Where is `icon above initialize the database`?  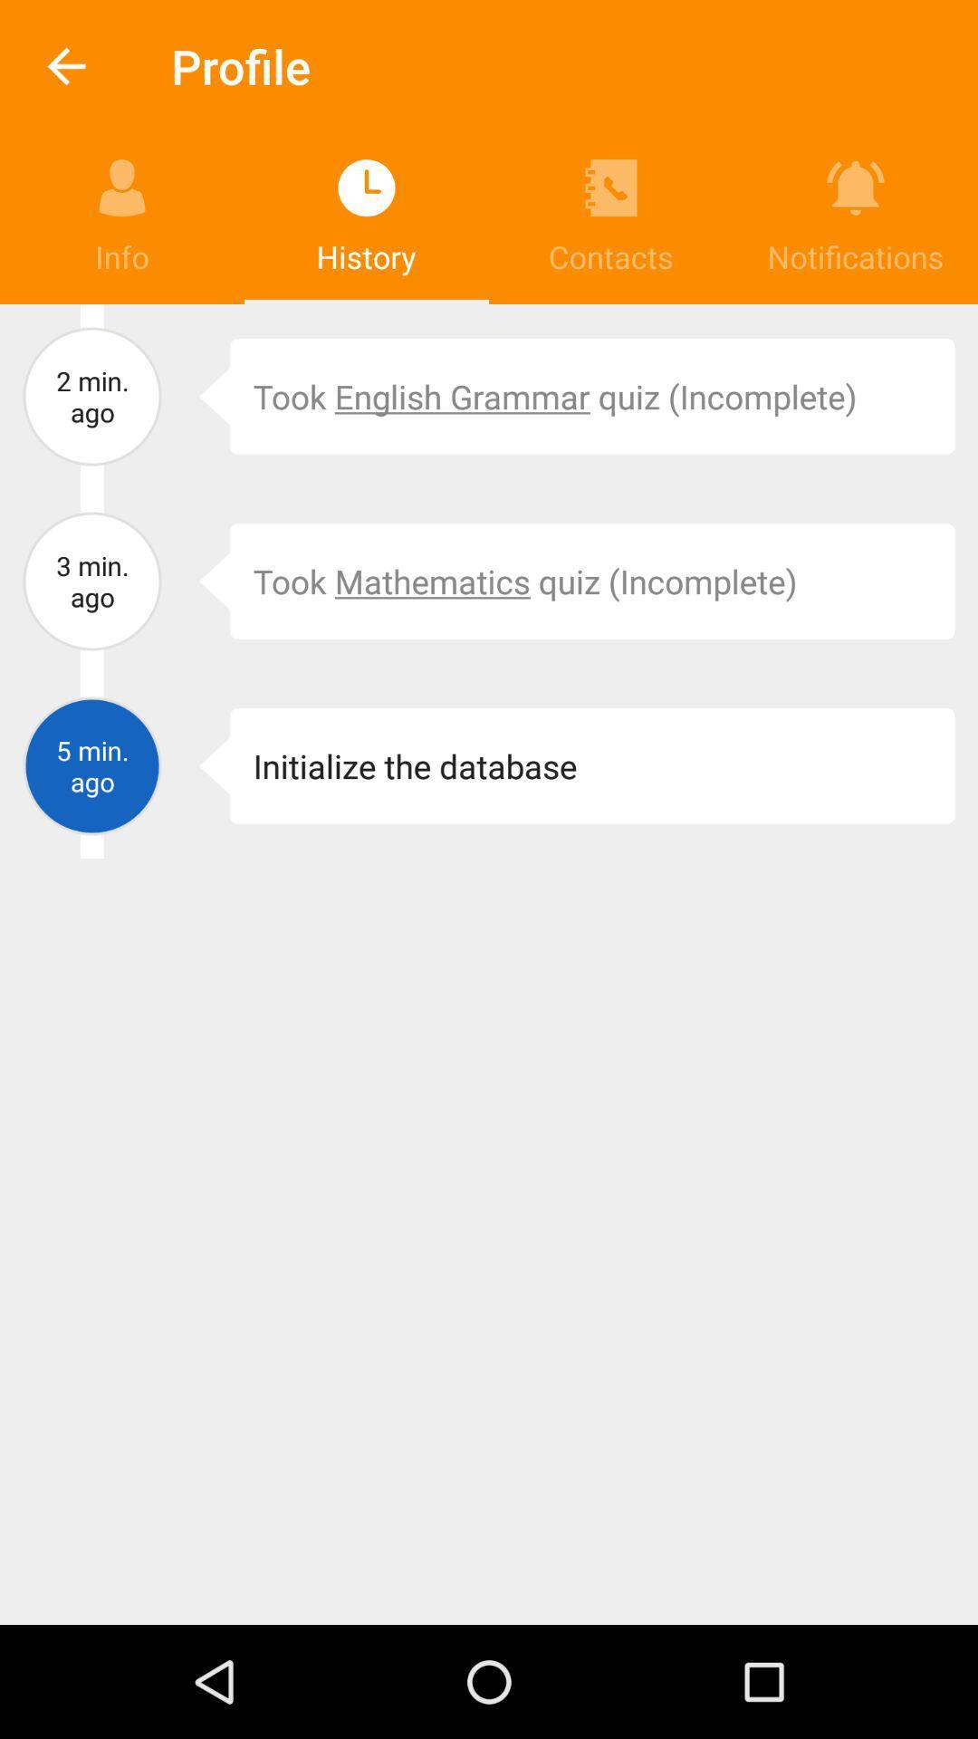 icon above initialize the database is located at coordinates (201, 581).